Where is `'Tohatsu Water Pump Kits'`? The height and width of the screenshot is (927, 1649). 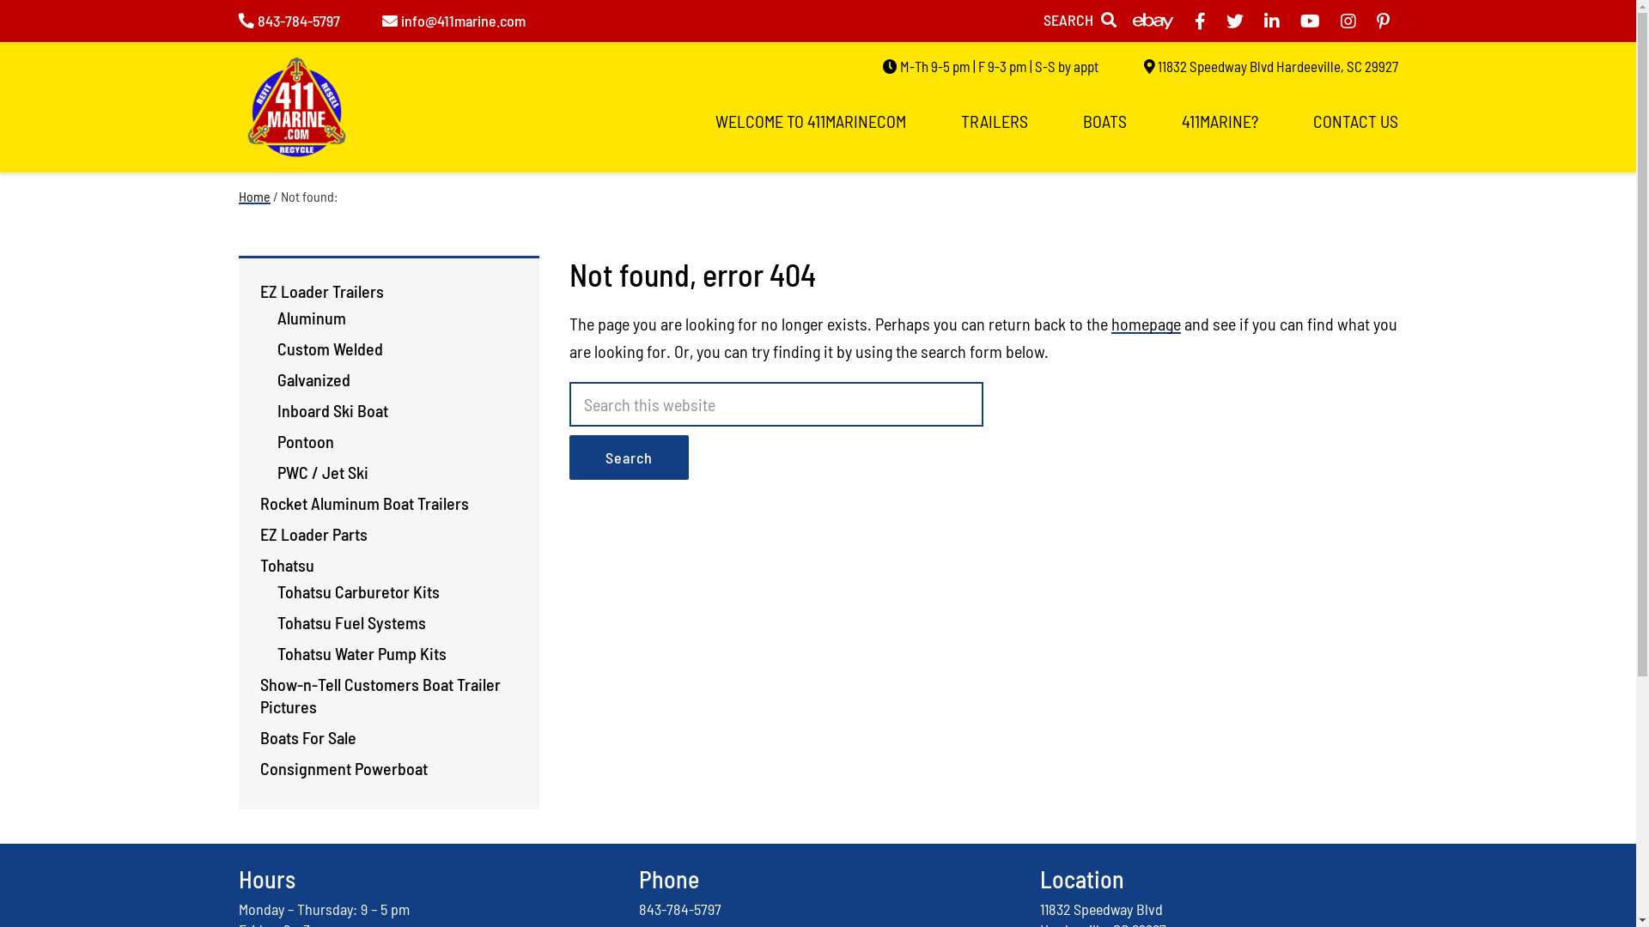 'Tohatsu Water Pump Kits' is located at coordinates (360, 652).